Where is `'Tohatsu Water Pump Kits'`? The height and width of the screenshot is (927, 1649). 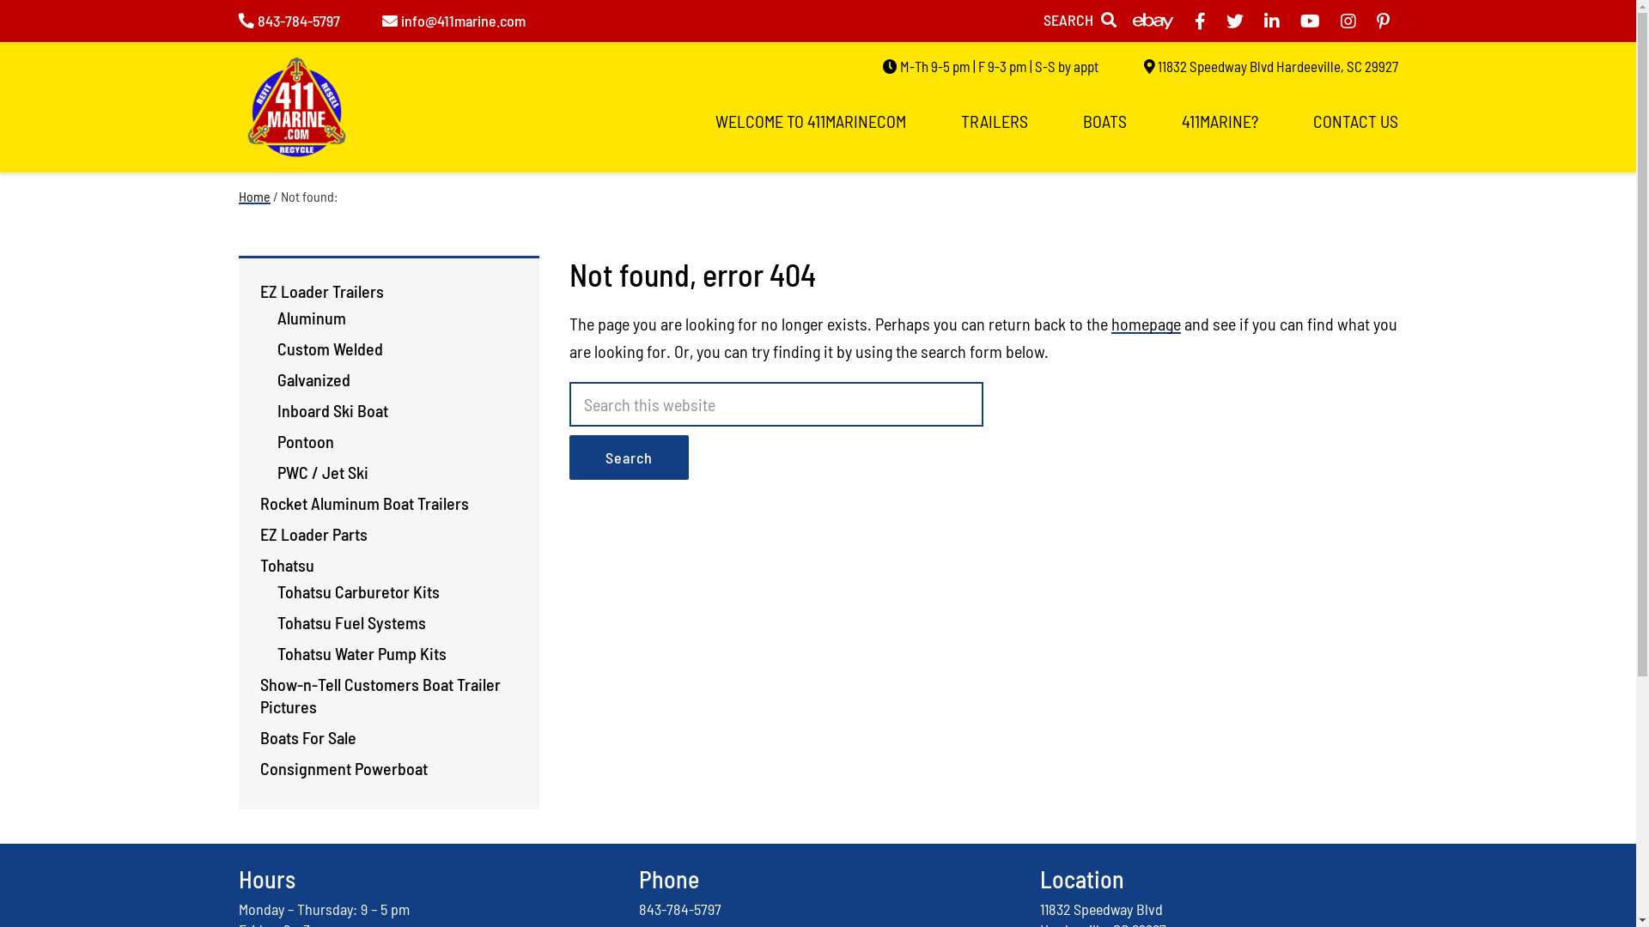 'Tohatsu Water Pump Kits' is located at coordinates (360, 652).